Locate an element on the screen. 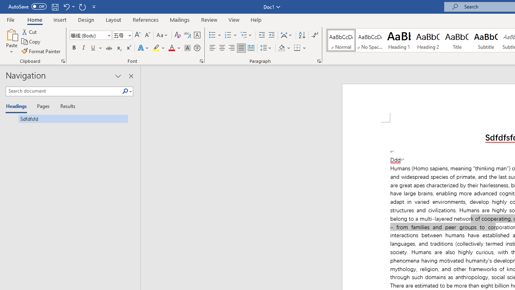 This screenshot has width=515, height=290. 'Home' is located at coordinates (34, 19).